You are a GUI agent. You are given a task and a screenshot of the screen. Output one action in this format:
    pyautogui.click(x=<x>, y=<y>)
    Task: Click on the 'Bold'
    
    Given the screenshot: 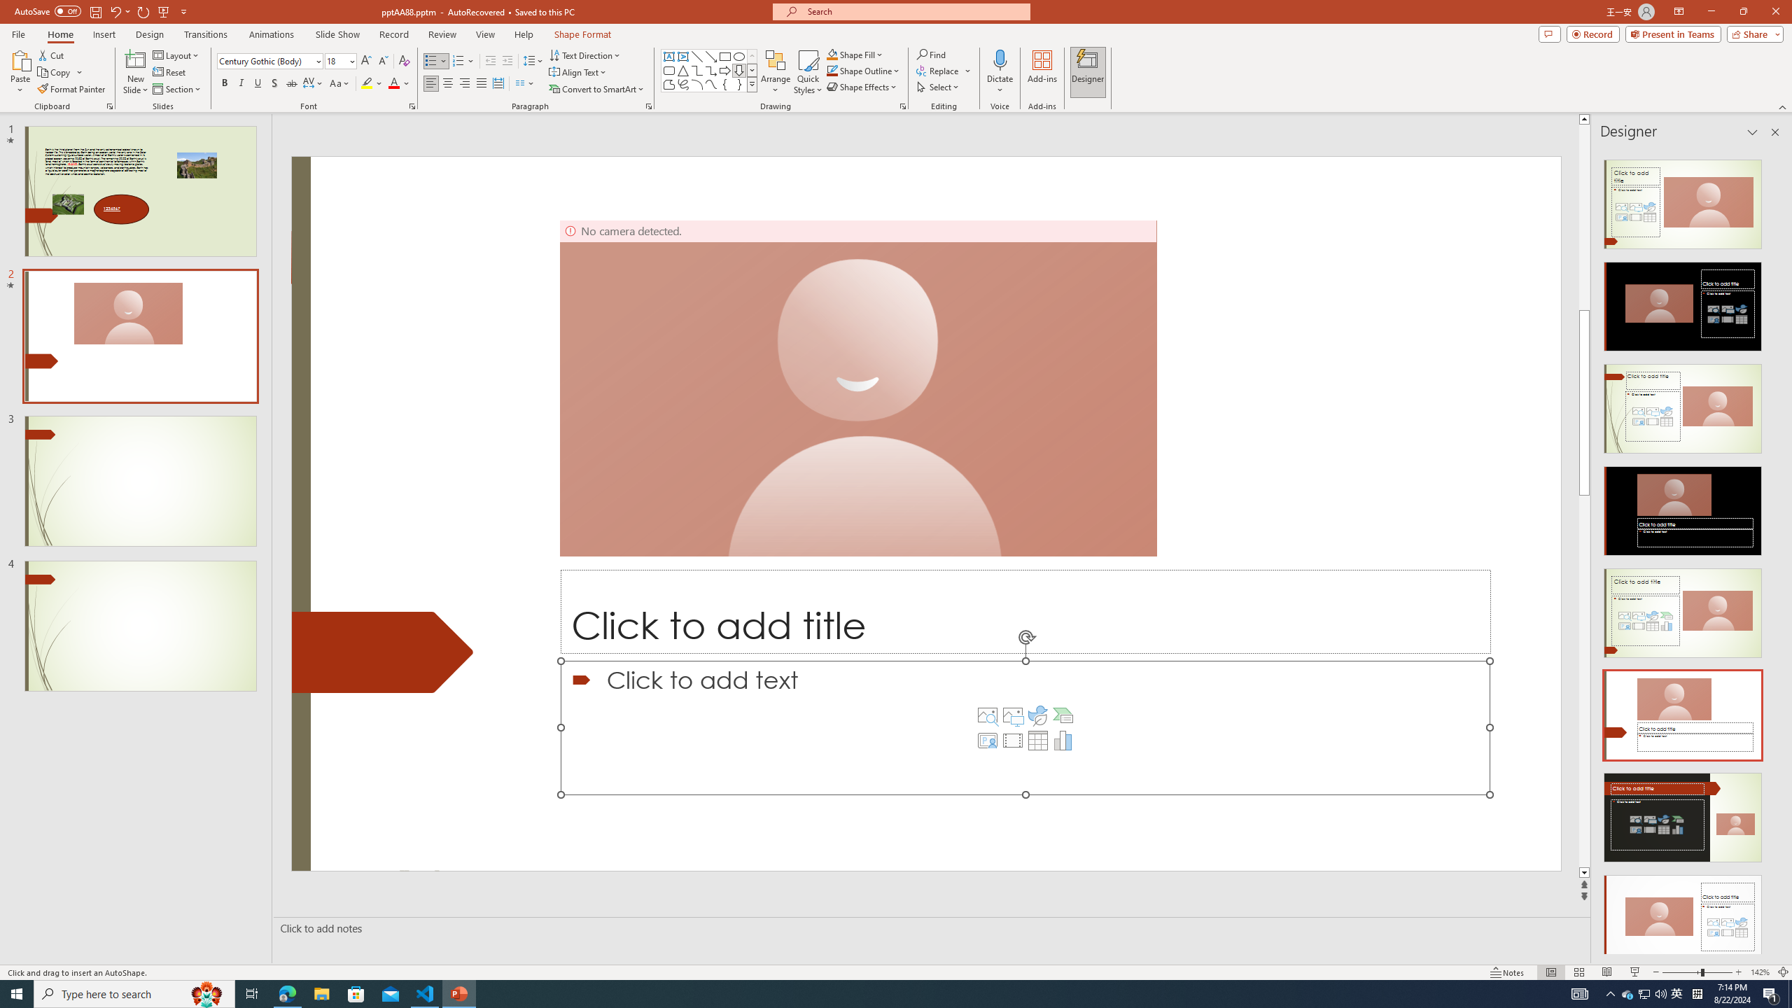 What is the action you would take?
    pyautogui.click(x=225, y=83)
    